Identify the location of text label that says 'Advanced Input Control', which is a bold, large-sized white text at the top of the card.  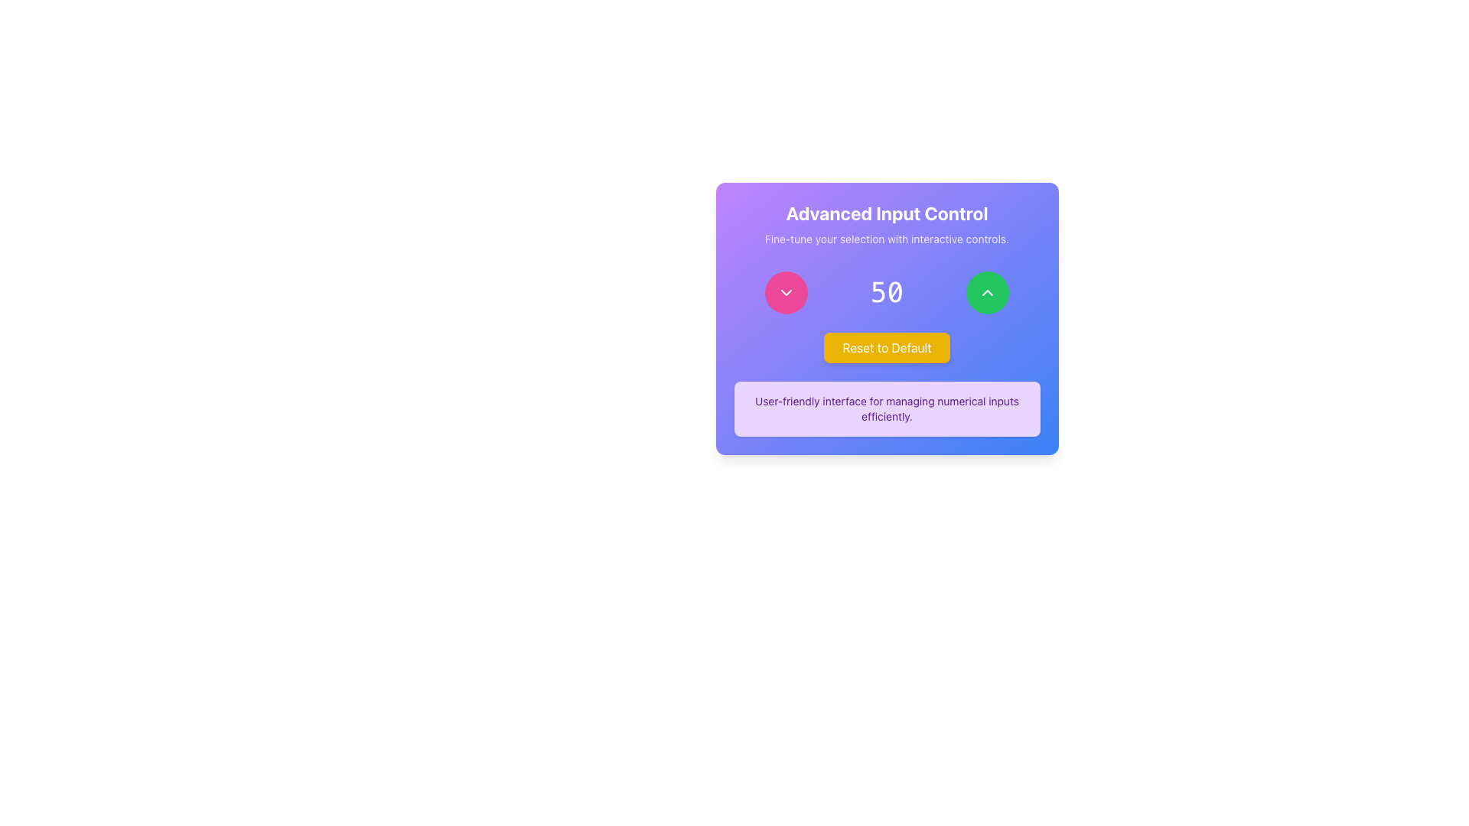
(887, 213).